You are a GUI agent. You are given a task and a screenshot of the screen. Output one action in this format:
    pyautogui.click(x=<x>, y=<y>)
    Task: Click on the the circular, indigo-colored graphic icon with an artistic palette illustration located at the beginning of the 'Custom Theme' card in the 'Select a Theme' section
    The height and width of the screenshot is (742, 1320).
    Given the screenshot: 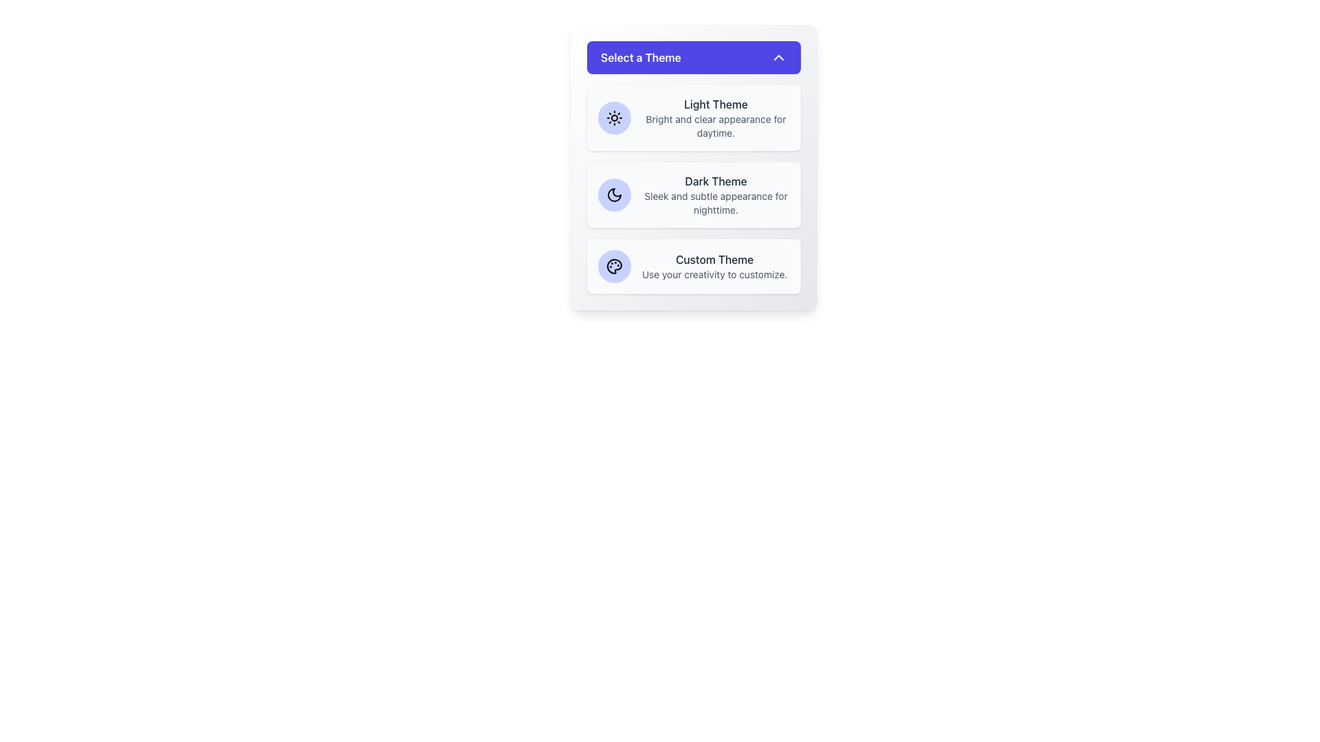 What is the action you would take?
    pyautogui.click(x=613, y=267)
    